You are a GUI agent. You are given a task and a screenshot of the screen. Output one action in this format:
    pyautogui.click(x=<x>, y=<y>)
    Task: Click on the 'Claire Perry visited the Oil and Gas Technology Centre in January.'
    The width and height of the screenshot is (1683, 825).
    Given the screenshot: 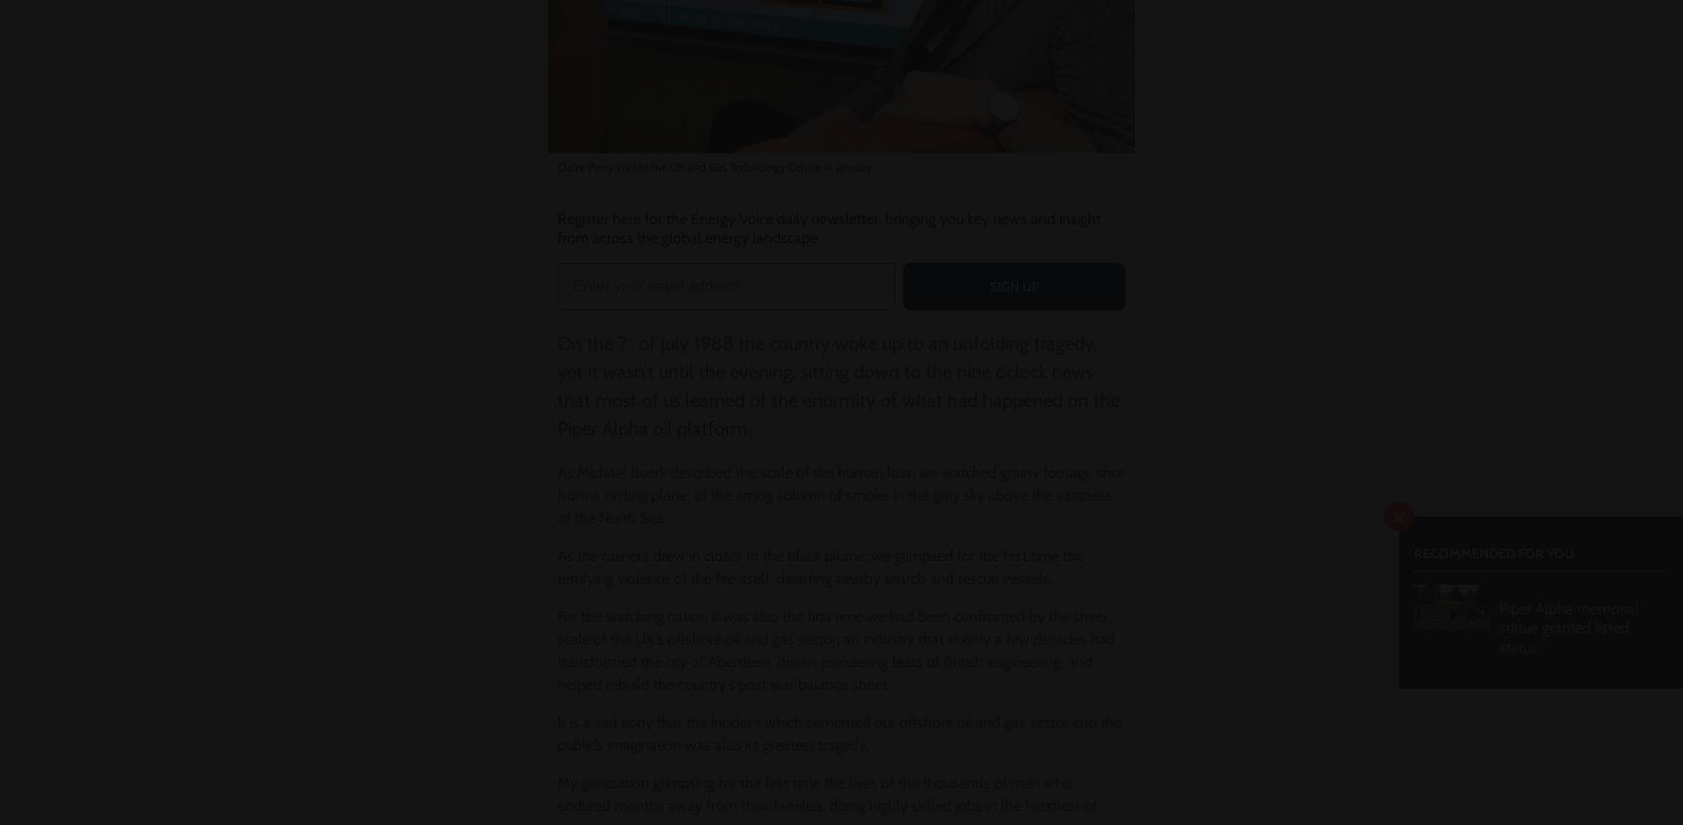 What is the action you would take?
    pyautogui.click(x=715, y=166)
    